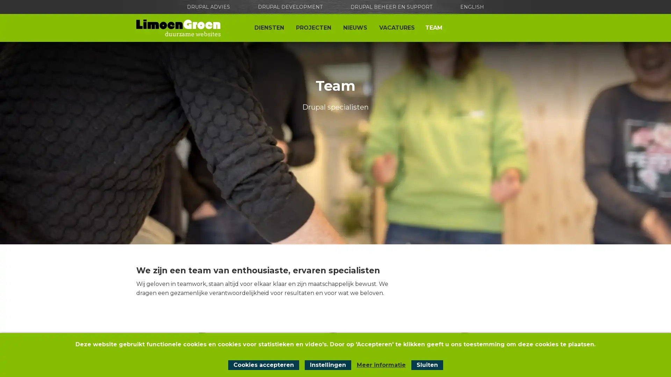 This screenshot has height=377, width=671. I want to click on Instellingen, so click(327, 364).